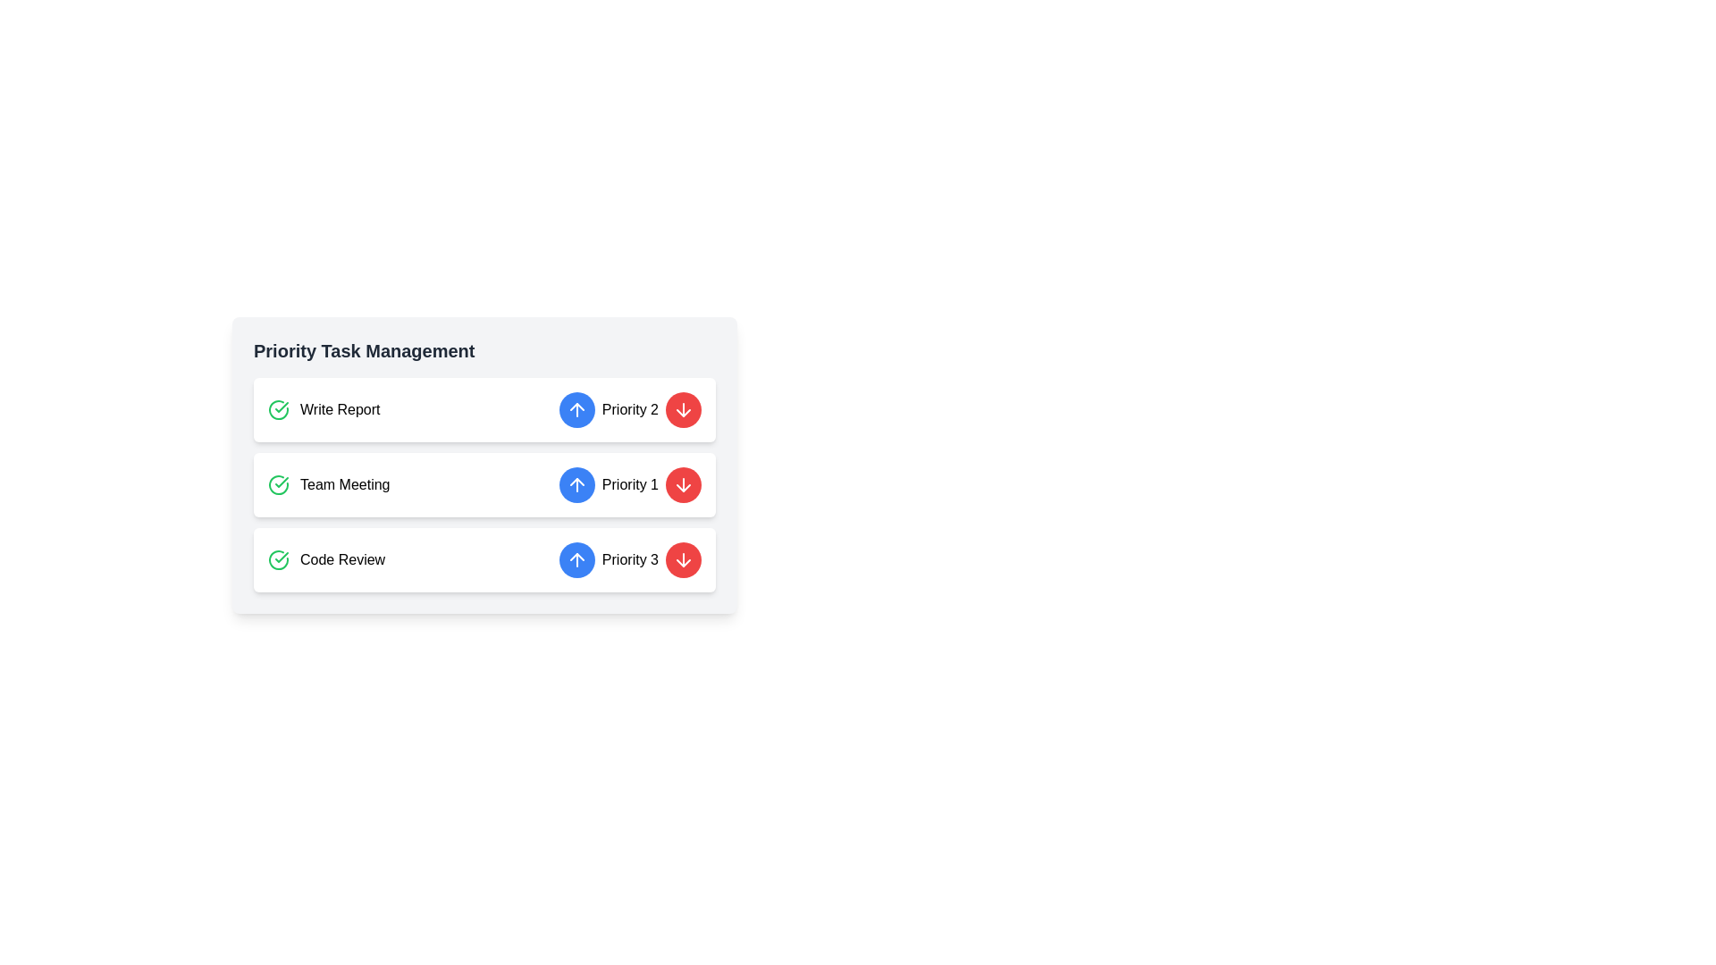 The image size is (1716, 965). I want to click on the 'Code Review' text label element, which is the third item in the 'Priority Task Management' task list, so click(342, 559).